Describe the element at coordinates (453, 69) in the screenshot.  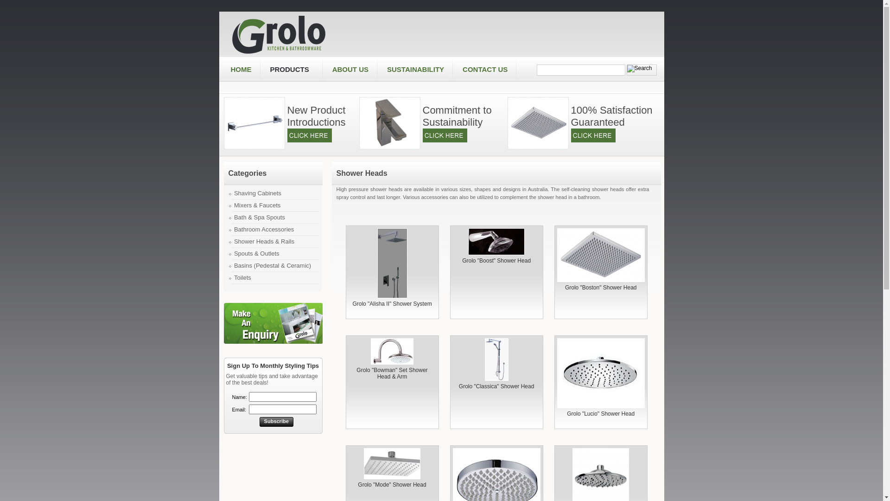
I see `'CONTACT US'` at that location.